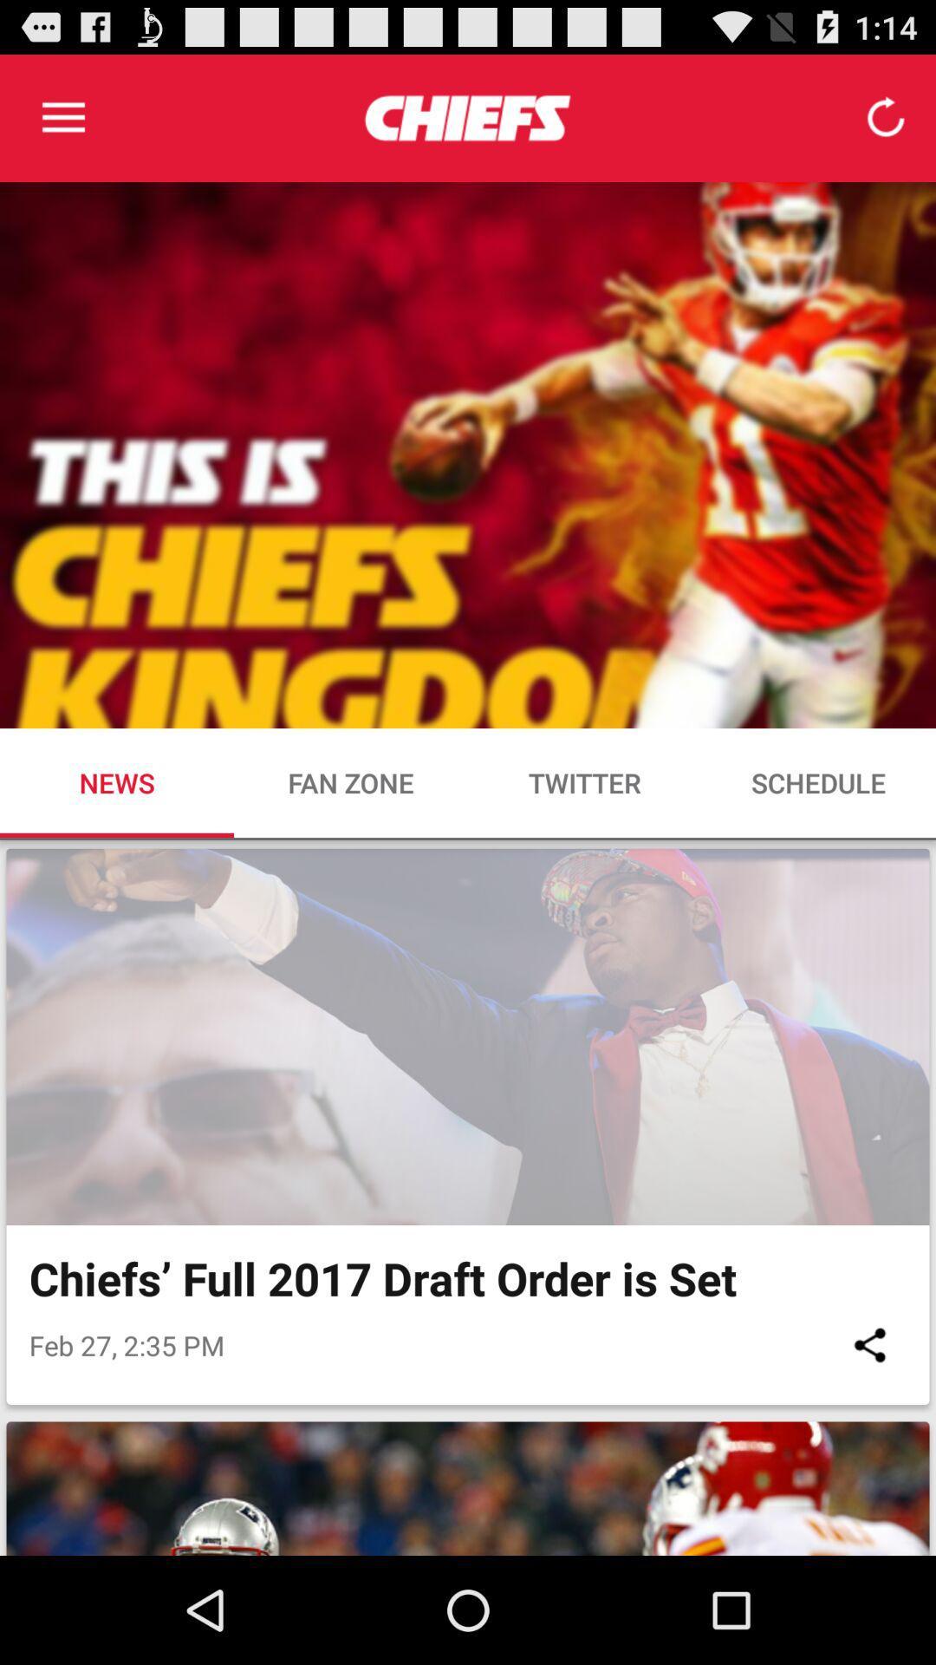 This screenshot has width=936, height=1665. Describe the element at coordinates (869, 1344) in the screenshot. I see `icon next to feb 27 2 item` at that location.